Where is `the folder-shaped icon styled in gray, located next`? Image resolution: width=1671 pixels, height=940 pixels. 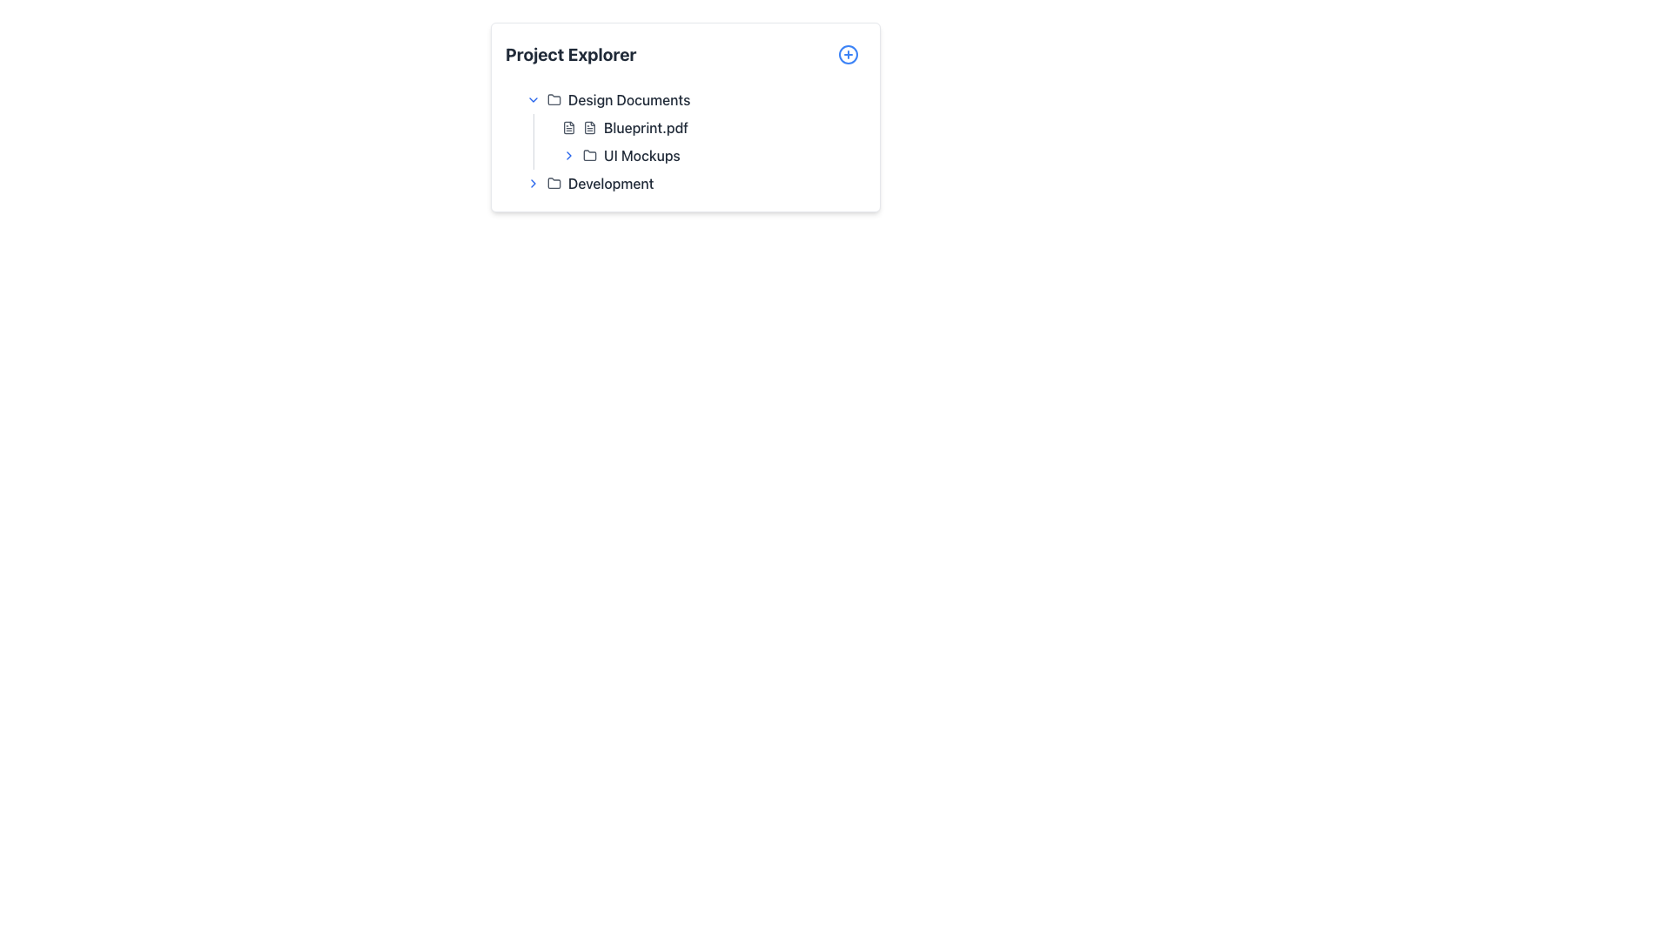 the folder-shaped icon styled in gray, located next is located at coordinates (554, 182).